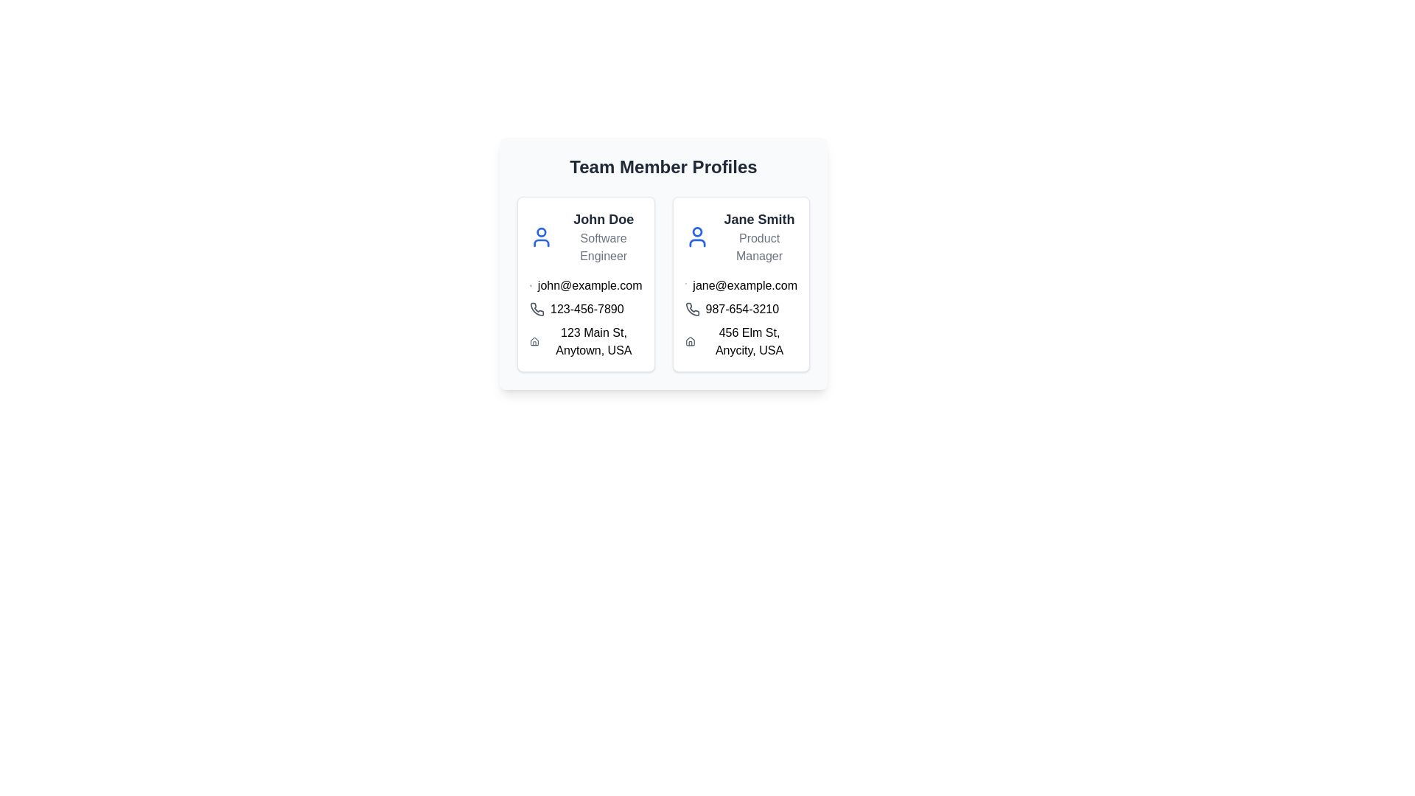 Image resolution: width=1415 pixels, height=796 pixels. Describe the element at coordinates (540, 232) in the screenshot. I see `the circular graphical element representing the user 'John Doe' in the Team Member Profiles section` at that location.